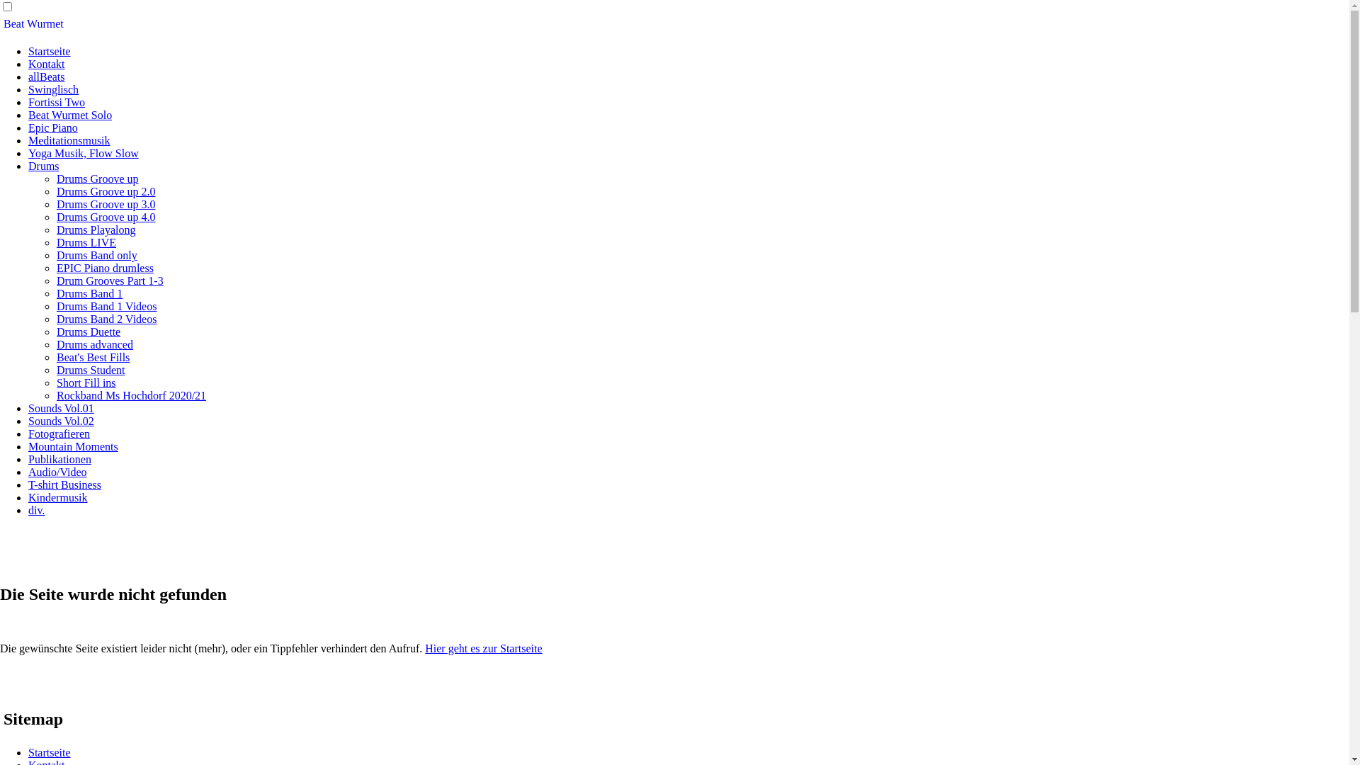 The image size is (1360, 765). I want to click on 'Drums Duette', so click(57, 331).